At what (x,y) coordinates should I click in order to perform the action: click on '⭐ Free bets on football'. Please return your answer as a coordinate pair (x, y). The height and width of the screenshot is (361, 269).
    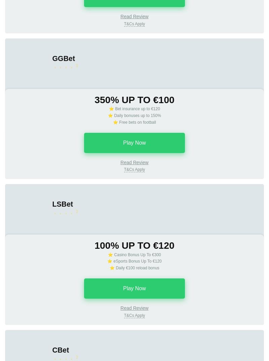
    Looking at the image, I should click on (134, 121).